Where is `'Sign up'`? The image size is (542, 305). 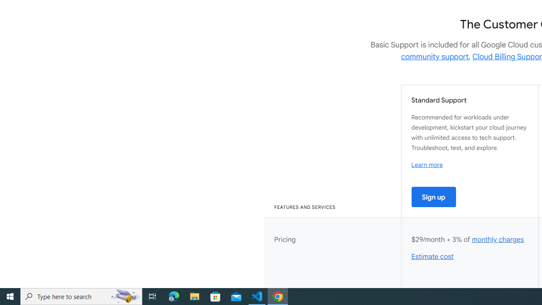
'Sign up' is located at coordinates (434, 197).